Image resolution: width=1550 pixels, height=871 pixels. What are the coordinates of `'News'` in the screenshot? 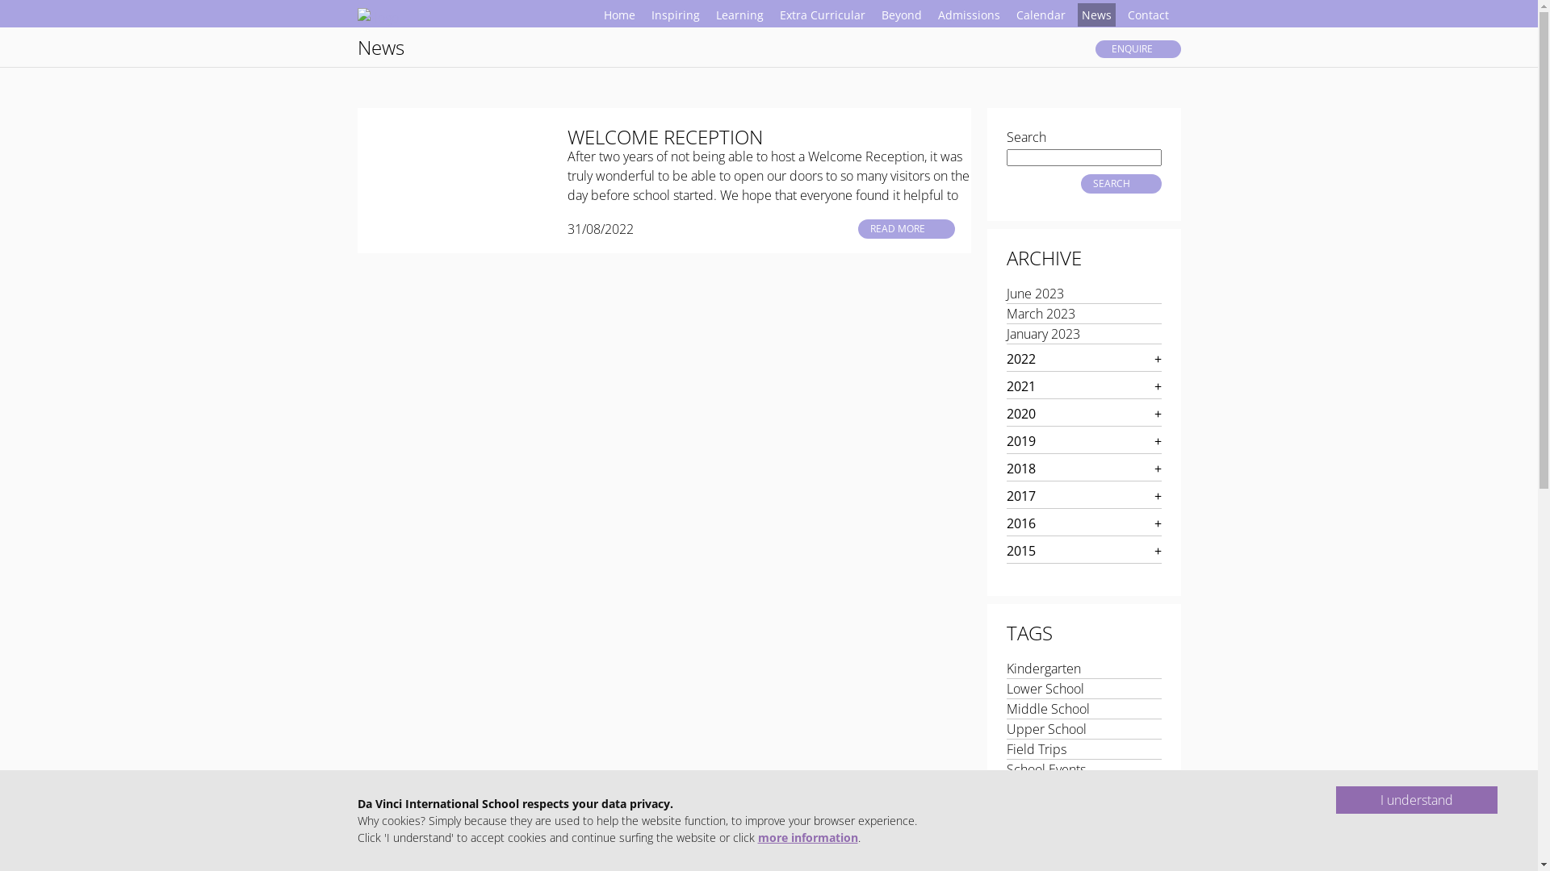 It's located at (355, 46).